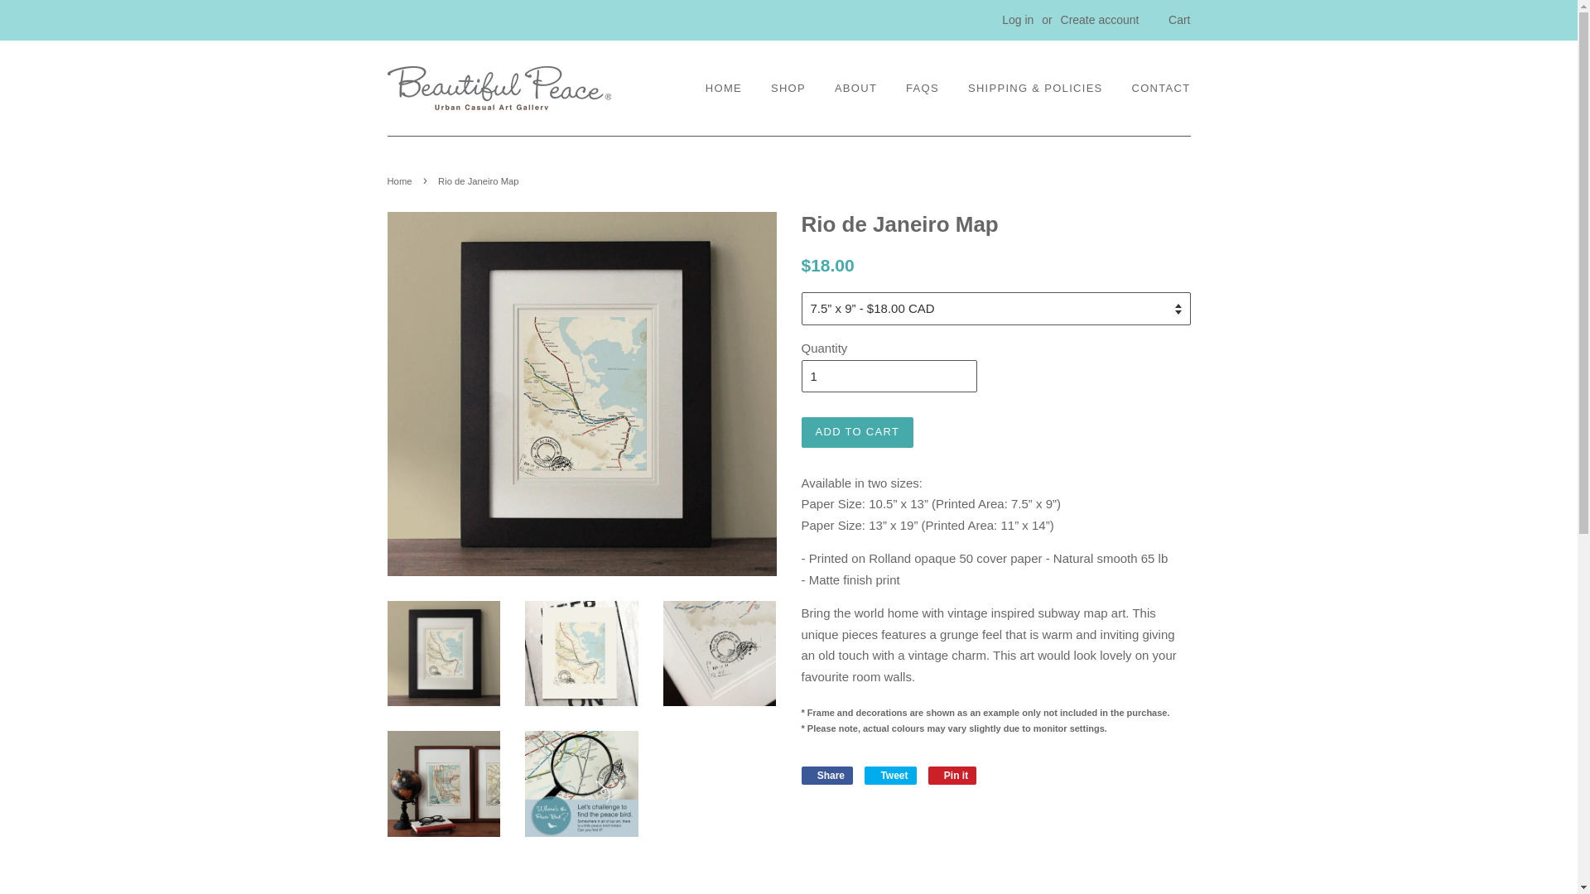 Image resolution: width=1590 pixels, height=894 pixels. What do you see at coordinates (1034, 89) in the screenshot?
I see `'SHIPPING & POLICIES'` at bounding box center [1034, 89].